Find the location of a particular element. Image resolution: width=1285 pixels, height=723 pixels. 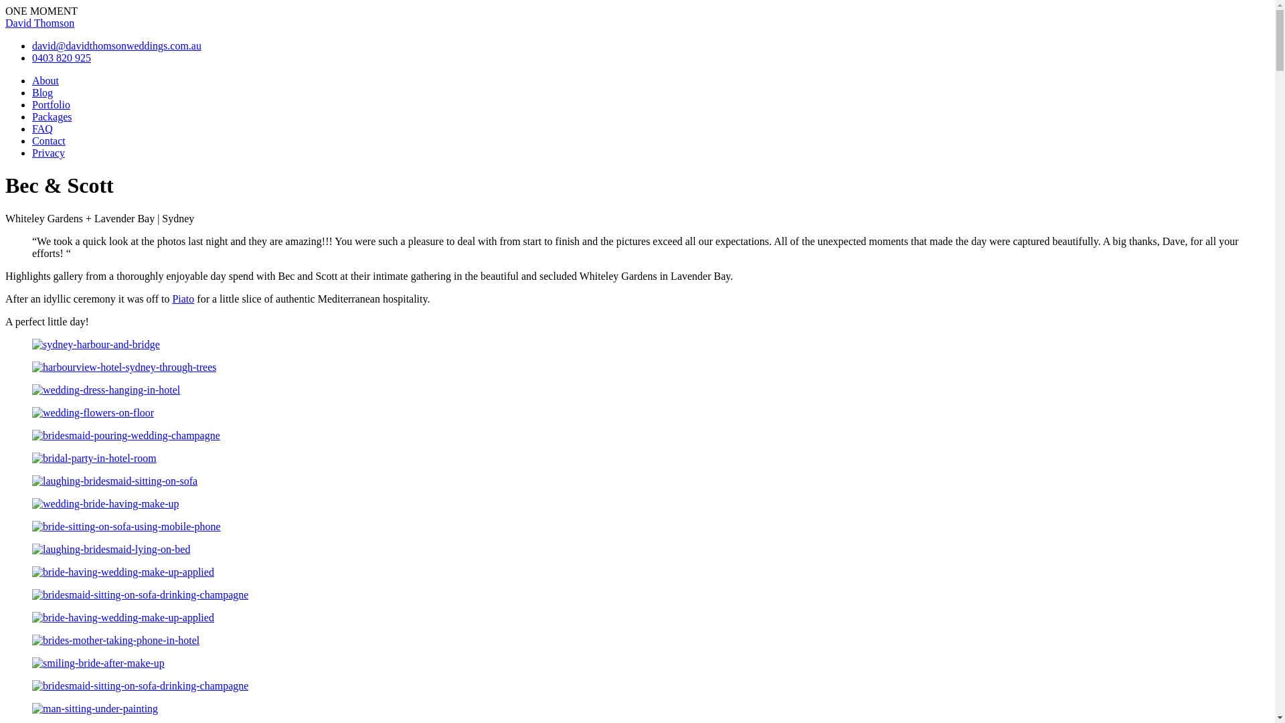

'Privacy' is located at coordinates (48, 152).